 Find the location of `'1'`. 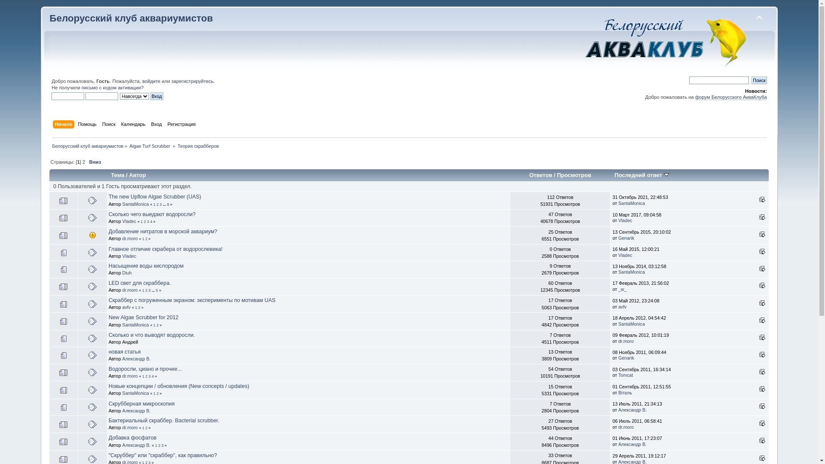

'1' is located at coordinates (143, 290).